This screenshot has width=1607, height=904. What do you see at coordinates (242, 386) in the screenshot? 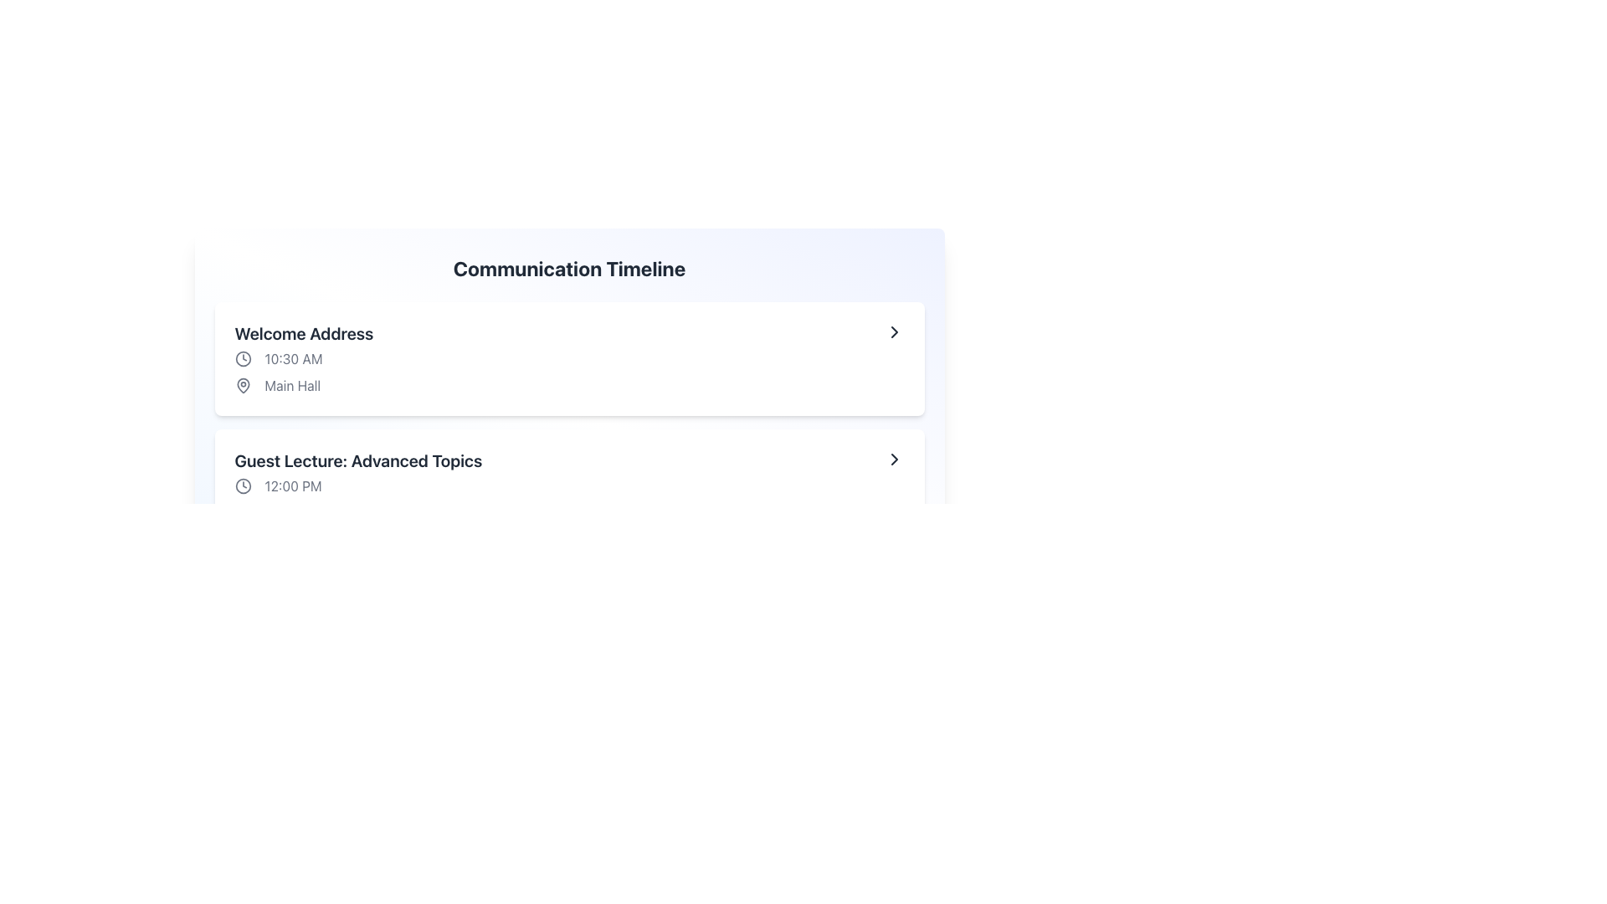
I see `the map pin icon indicating 'Main Hall' for the 'Welcome Address' event, located at the bottom-left area of the event card` at bounding box center [242, 386].